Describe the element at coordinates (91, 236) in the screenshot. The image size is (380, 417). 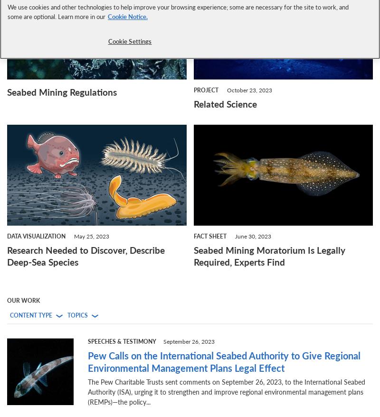
I see `'May 25, 2023'` at that location.